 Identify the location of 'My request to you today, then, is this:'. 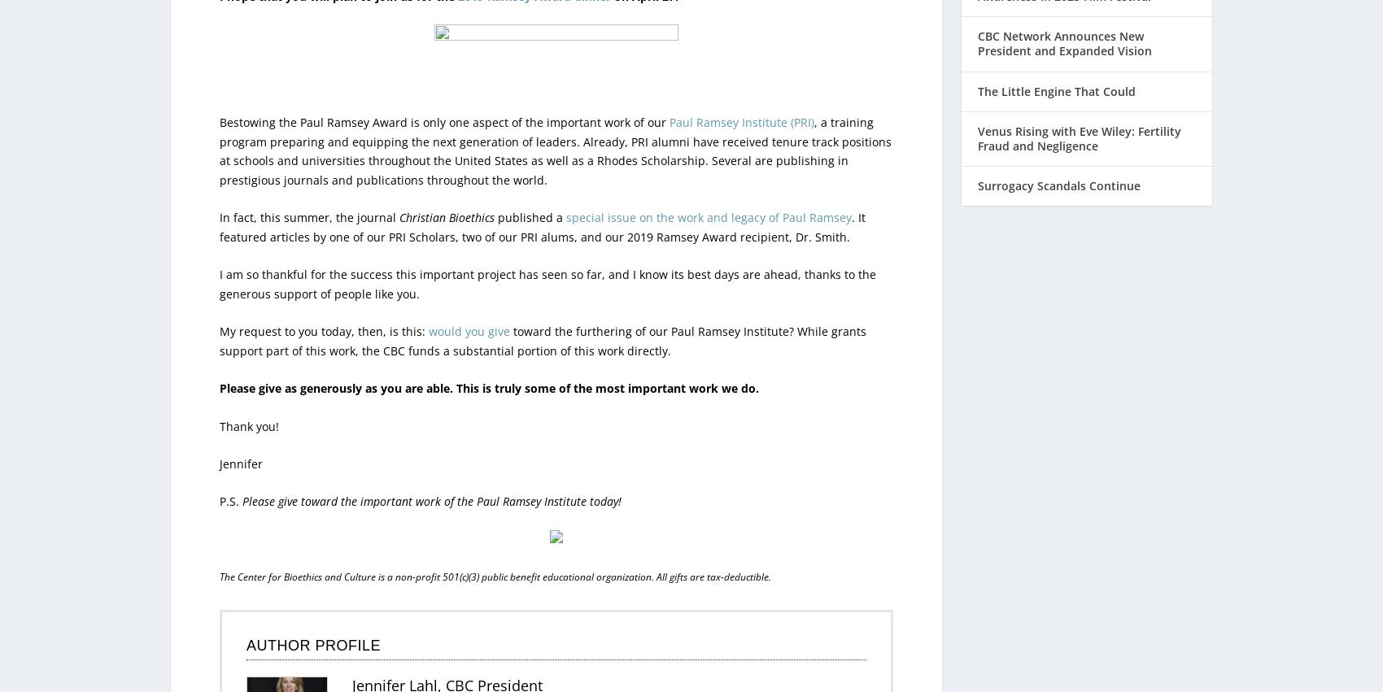
(323, 297).